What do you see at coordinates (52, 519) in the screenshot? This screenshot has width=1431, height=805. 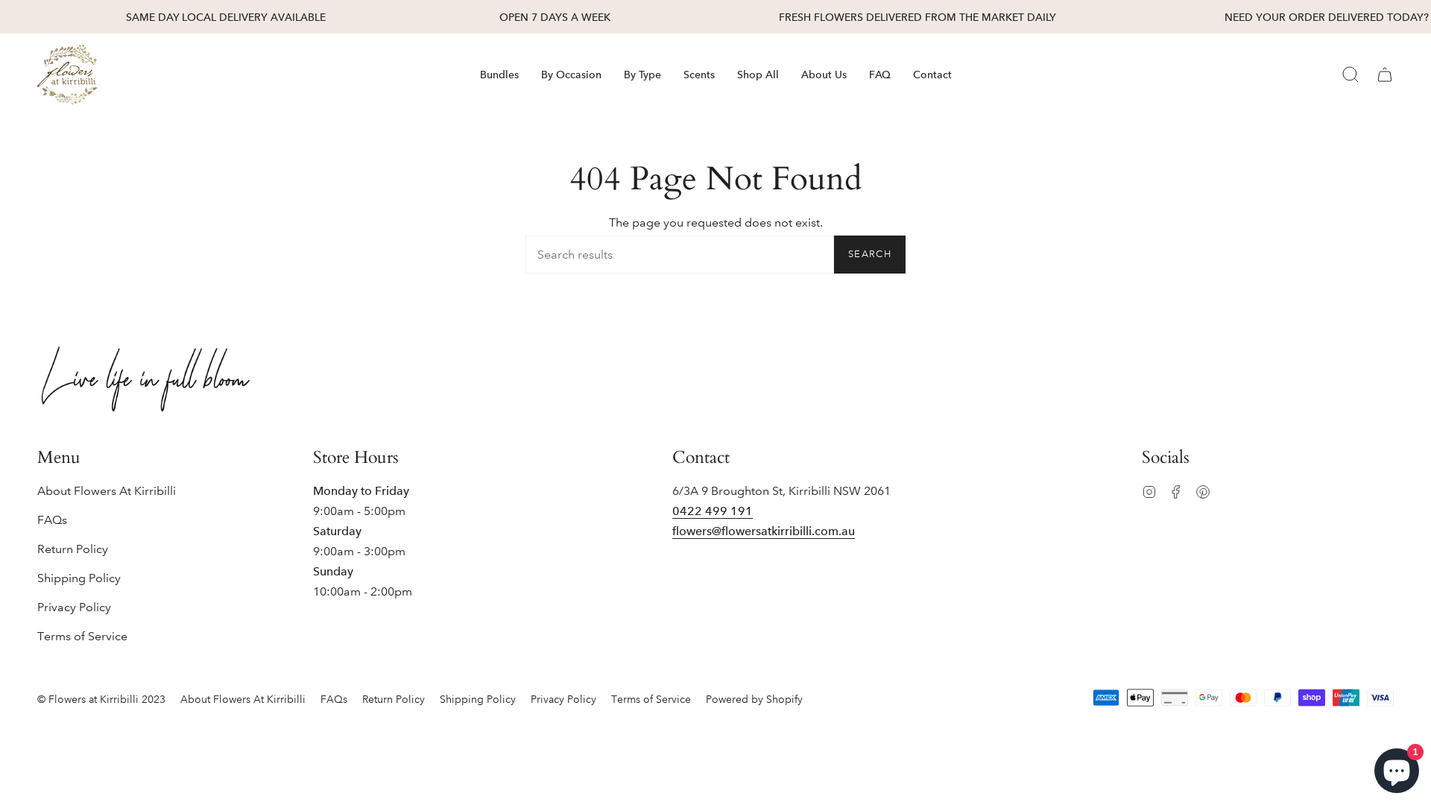 I see `'FAQs'` at bounding box center [52, 519].